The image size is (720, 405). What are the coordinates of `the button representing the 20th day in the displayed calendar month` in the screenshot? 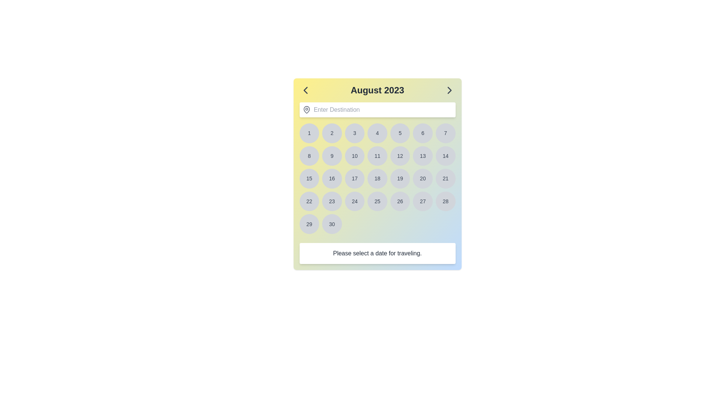 It's located at (423, 178).